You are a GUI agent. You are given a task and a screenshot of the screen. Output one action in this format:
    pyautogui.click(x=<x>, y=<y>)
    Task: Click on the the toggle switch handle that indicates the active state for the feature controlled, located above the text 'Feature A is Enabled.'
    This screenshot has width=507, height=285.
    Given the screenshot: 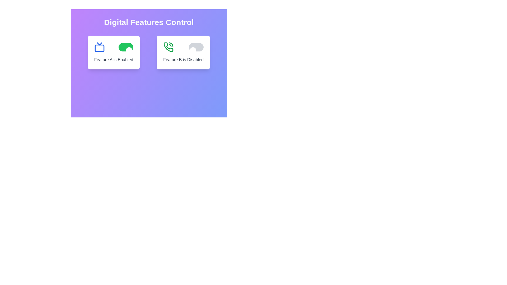 What is the action you would take?
    pyautogui.click(x=129, y=50)
    